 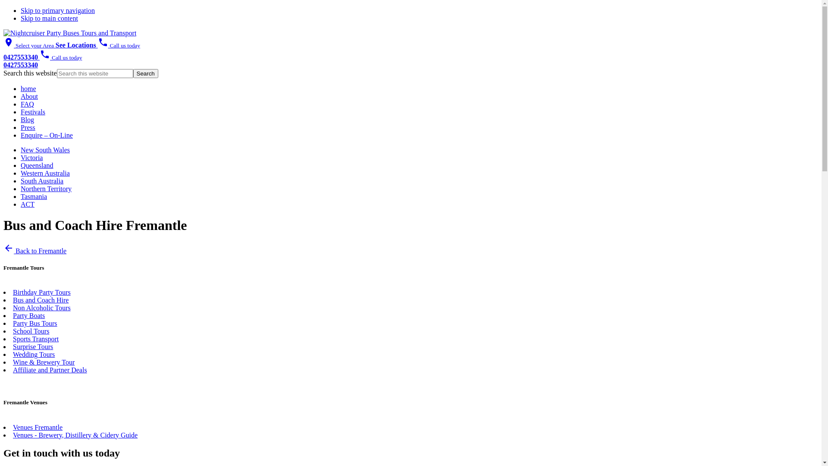 What do you see at coordinates (35, 338) in the screenshot?
I see `'Sports Transport'` at bounding box center [35, 338].